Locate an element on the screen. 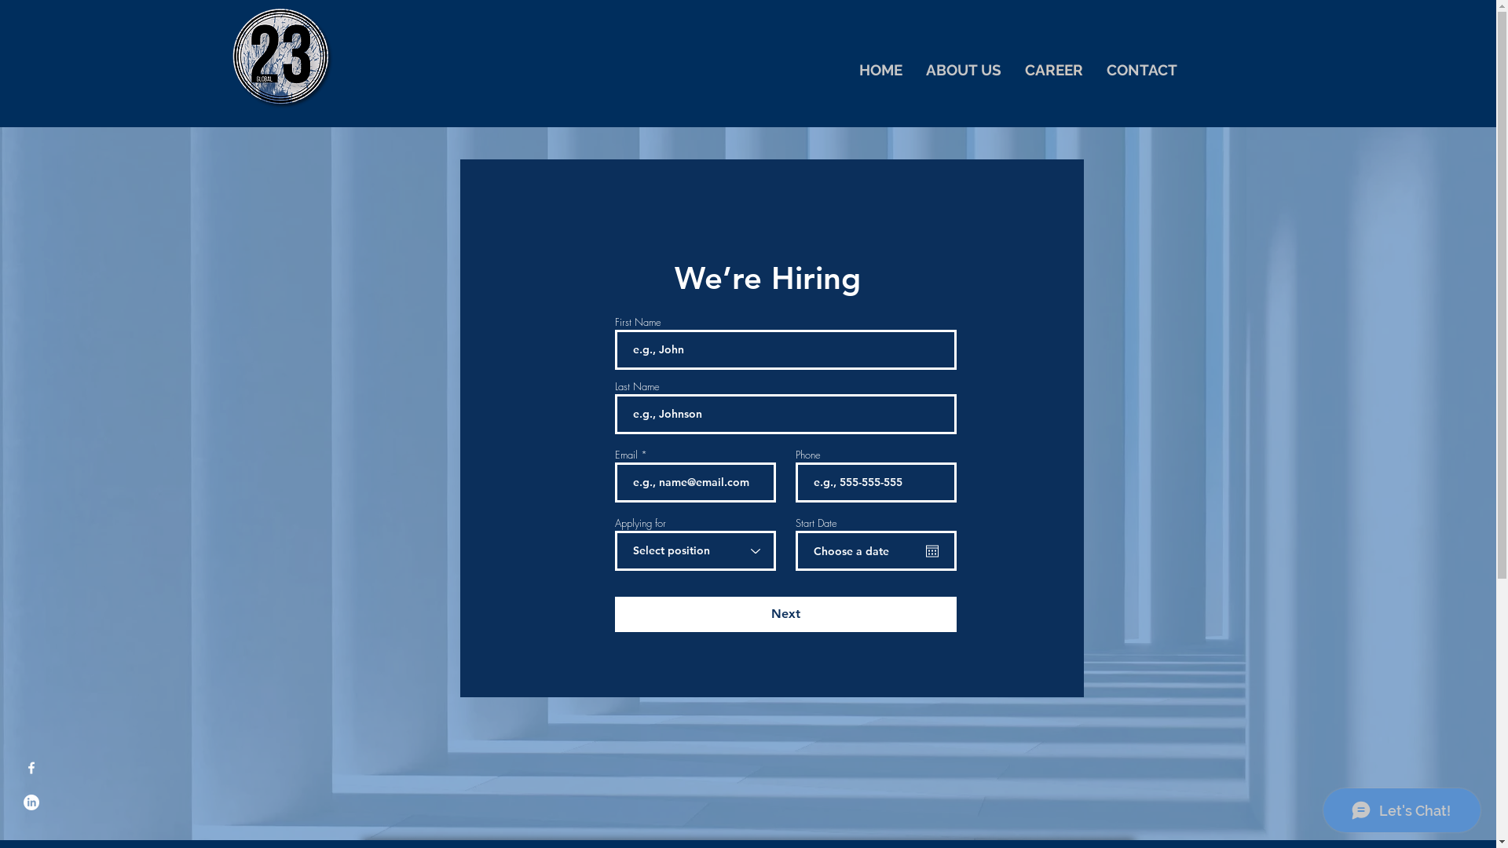  'Next' is located at coordinates (785, 613).